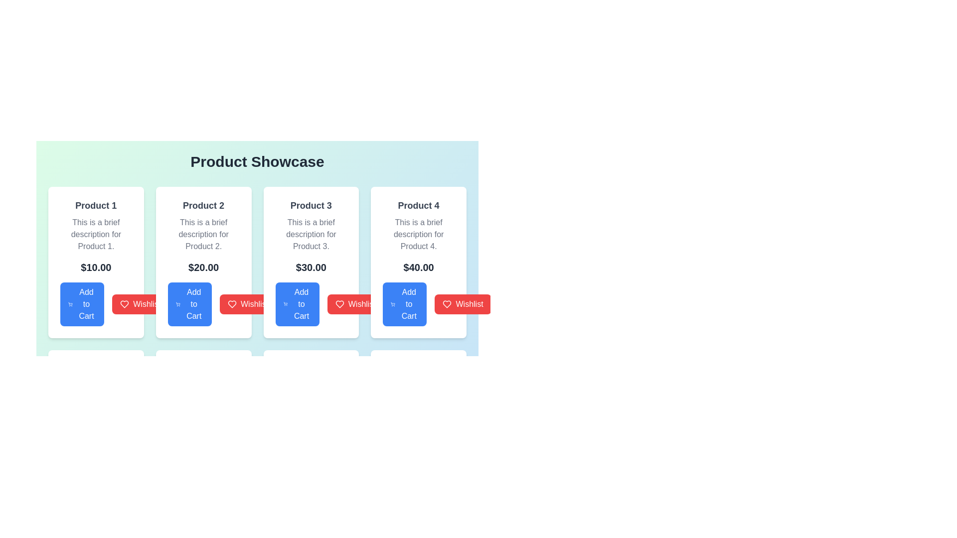 Image resolution: width=957 pixels, height=538 pixels. I want to click on the static text element that serves as the title for the product in the second card of a horizontally aligned grid, so click(203, 205).